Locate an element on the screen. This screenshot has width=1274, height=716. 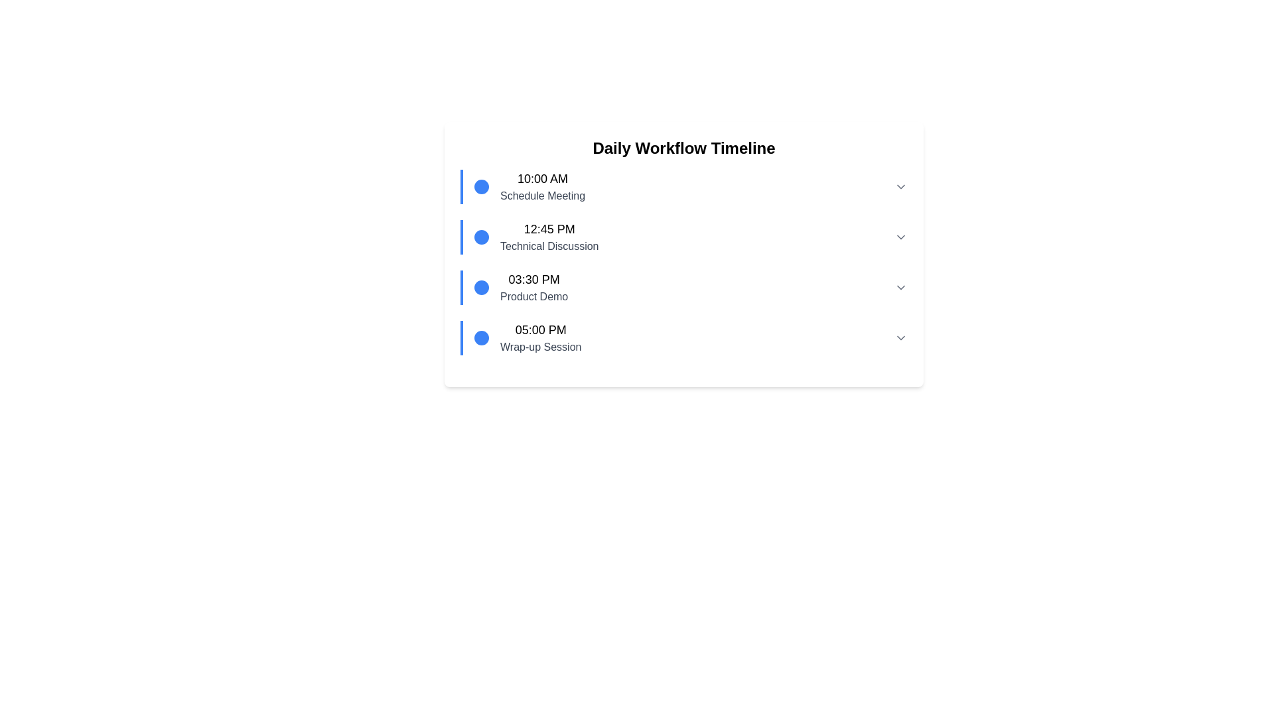
the List entry element that displays '12:45 PM' and 'Technical Discussion' is located at coordinates (684, 237).